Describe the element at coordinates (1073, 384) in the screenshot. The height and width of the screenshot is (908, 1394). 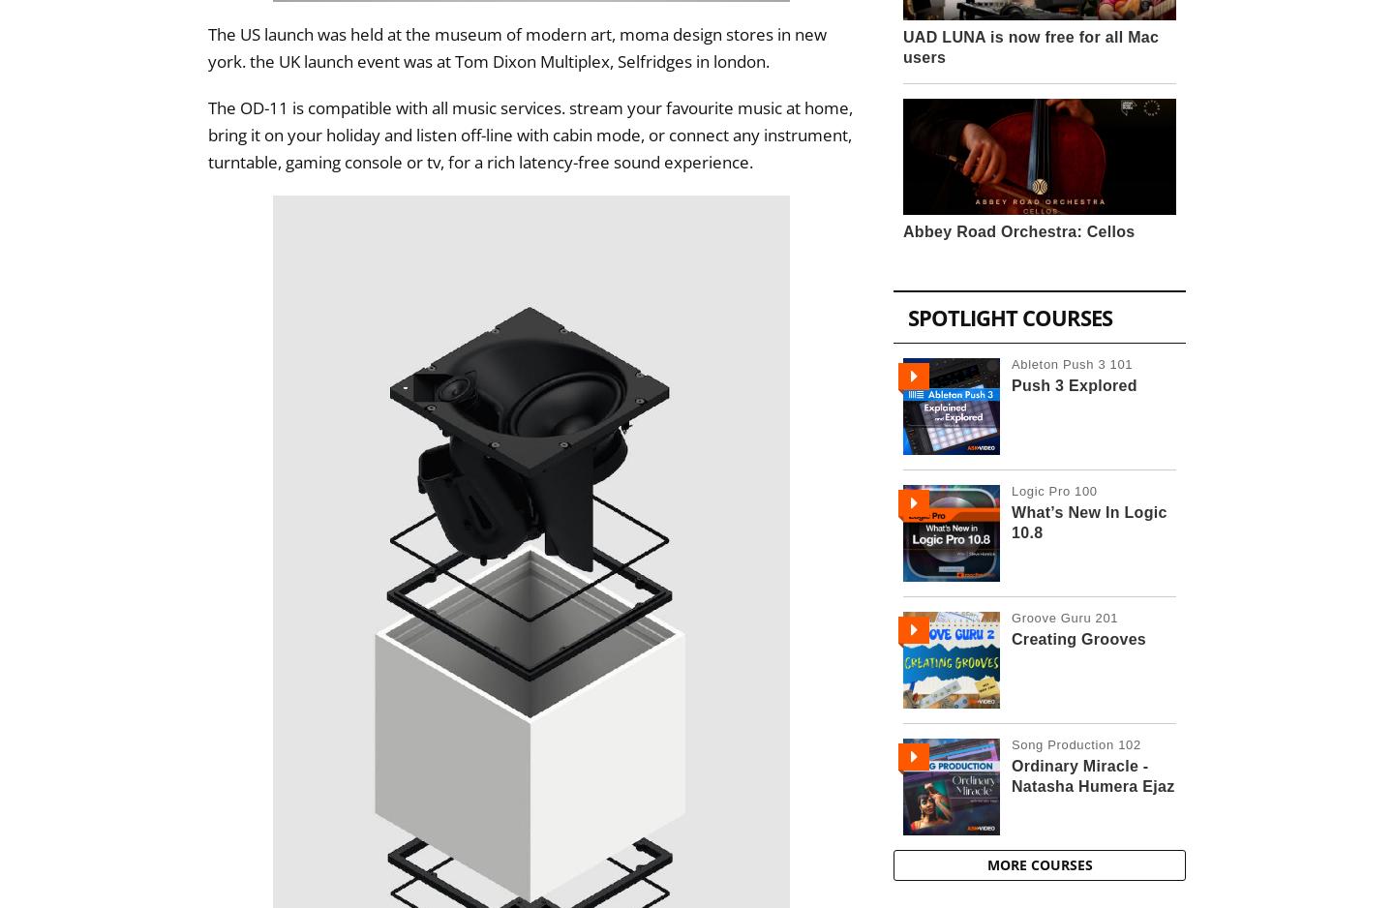
I see `'Push 3 Explored'` at that location.